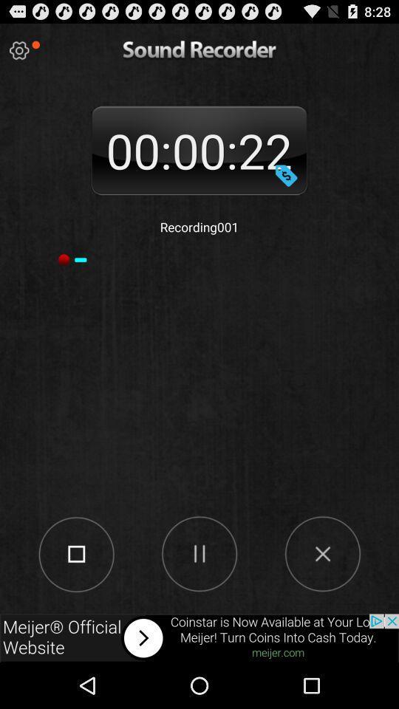 The height and width of the screenshot is (709, 399). Describe the element at coordinates (199, 552) in the screenshot. I see `the play button` at that location.